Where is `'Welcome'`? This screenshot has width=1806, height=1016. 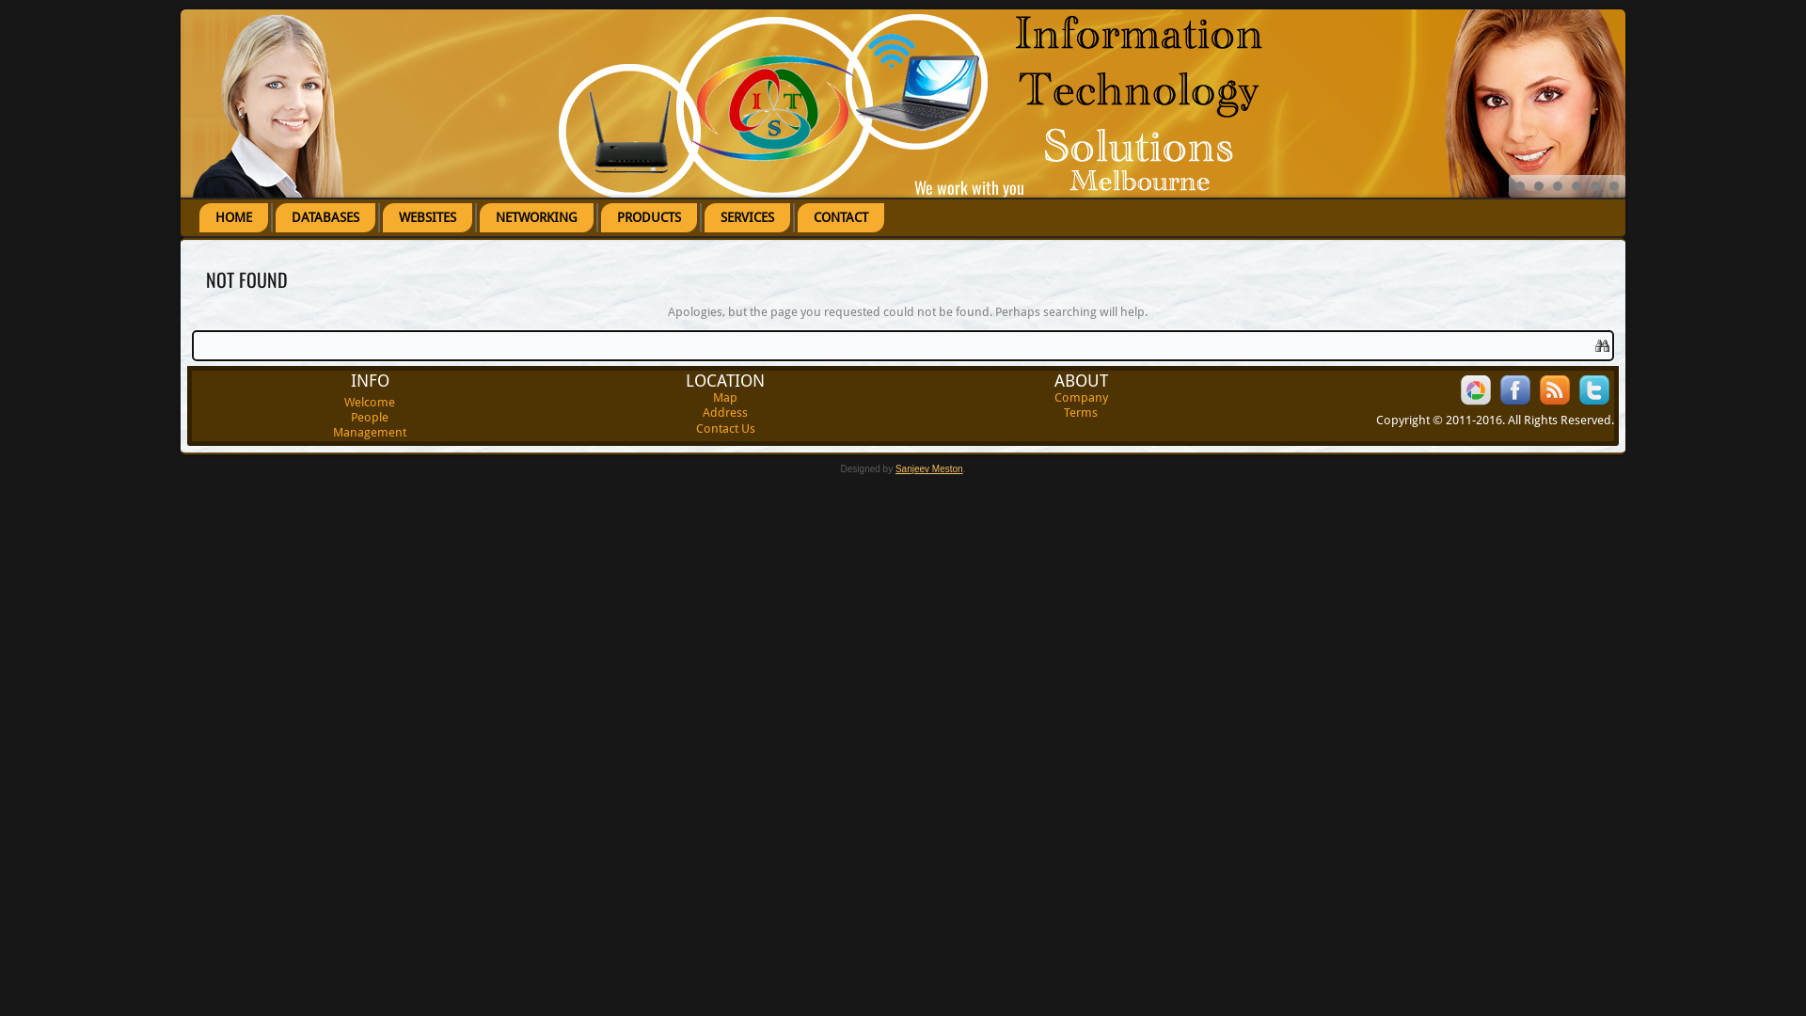 'Welcome' is located at coordinates (370, 401).